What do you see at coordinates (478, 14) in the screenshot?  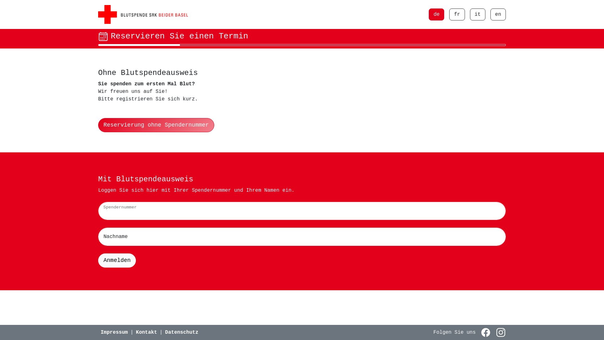 I see `'it'` at bounding box center [478, 14].